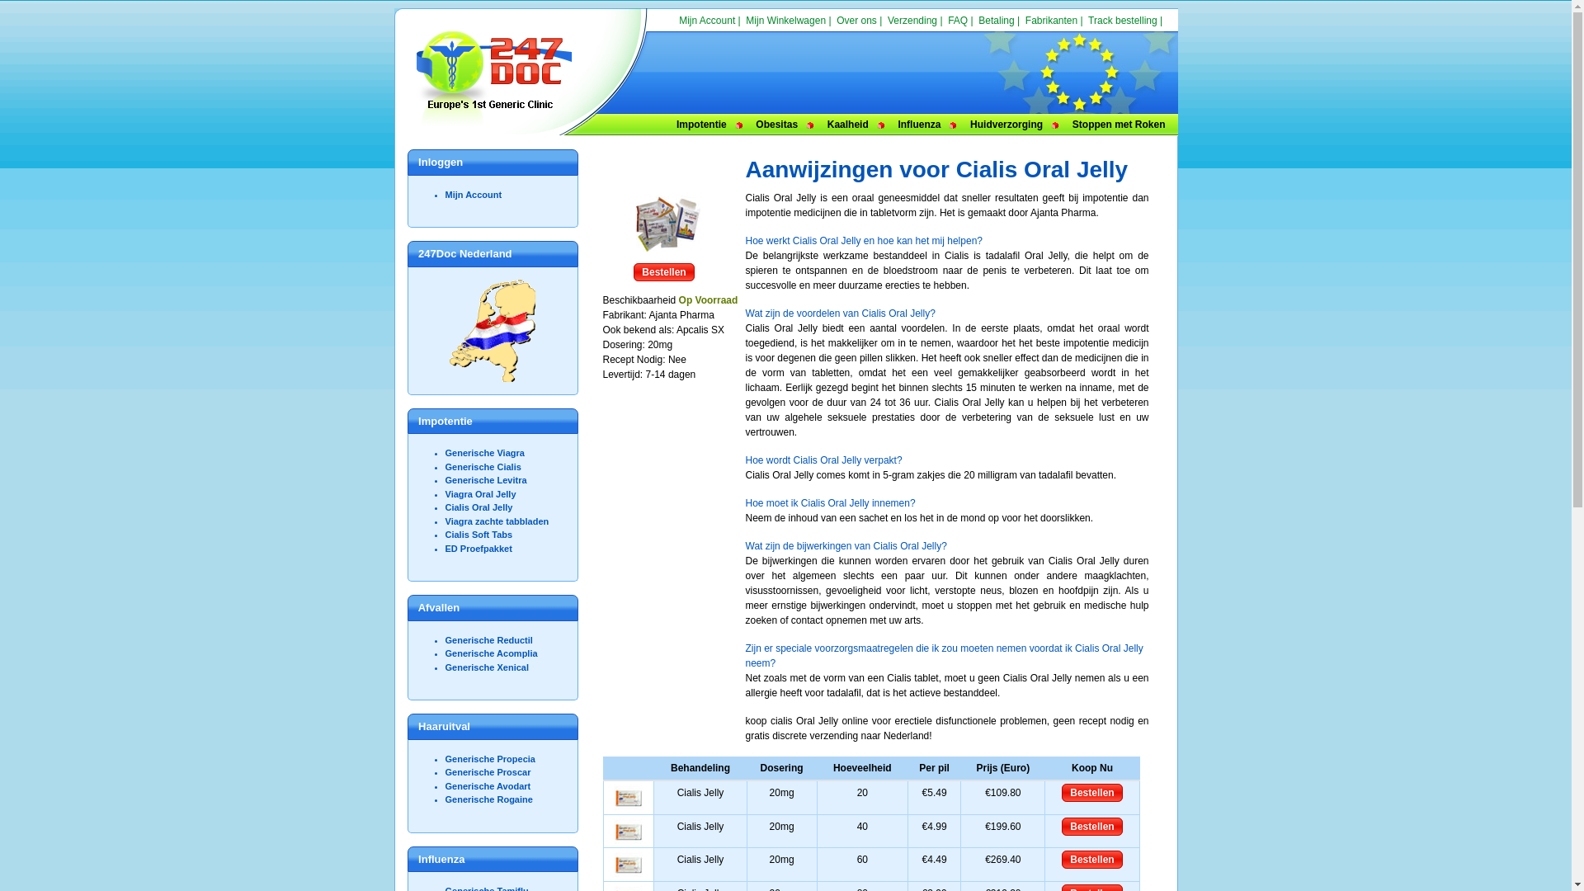 This screenshot has width=1584, height=891. I want to click on 'Viagra zachte tabbladen', so click(497, 521).